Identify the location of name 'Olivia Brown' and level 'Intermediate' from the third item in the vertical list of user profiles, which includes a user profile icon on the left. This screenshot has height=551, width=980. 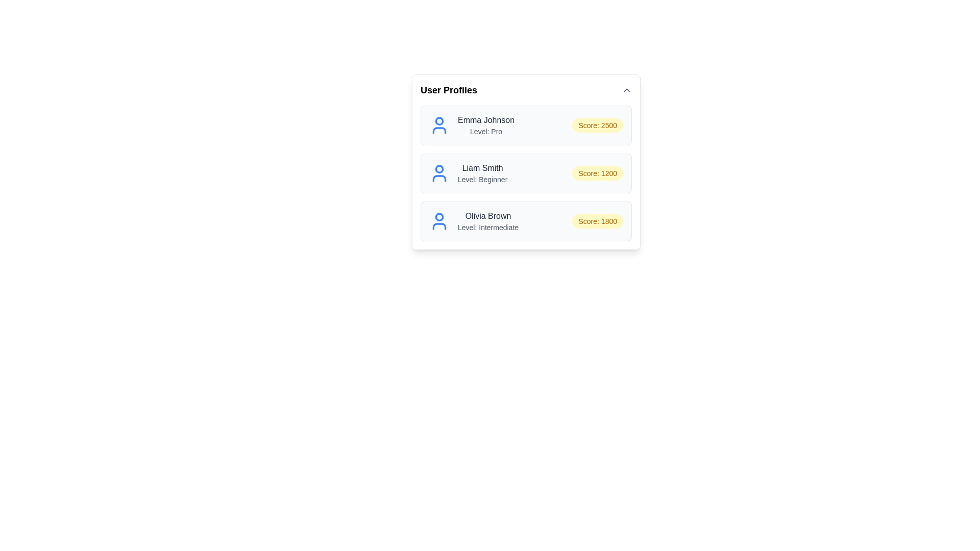
(473, 221).